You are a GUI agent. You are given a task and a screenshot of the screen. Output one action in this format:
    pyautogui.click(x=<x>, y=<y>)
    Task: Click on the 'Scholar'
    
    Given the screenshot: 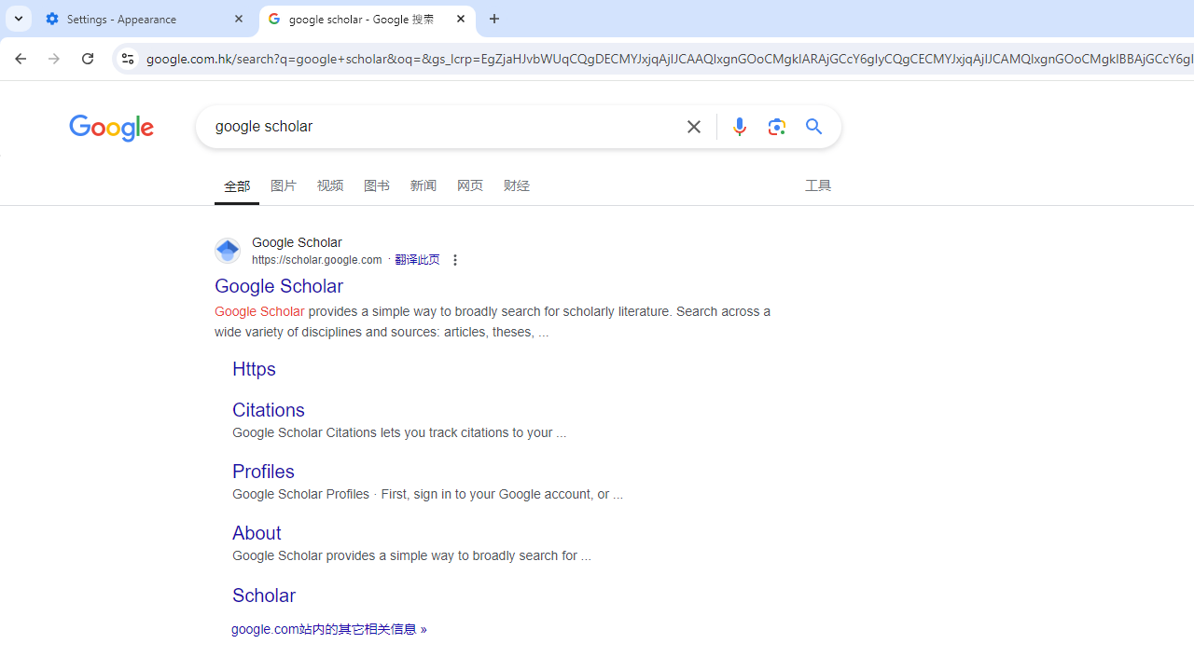 What is the action you would take?
    pyautogui.click(x=263, y=595)
    